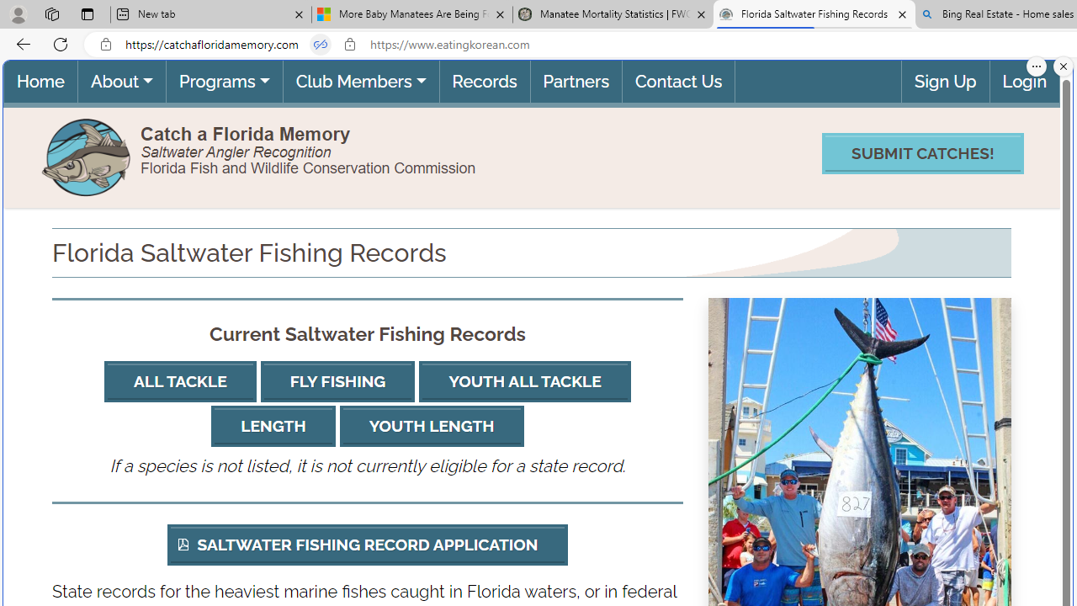 The width and height of the screenshot is (1077, 606). Describe the element at coordinates (40, 81) in the screenshot. I see `'Home (current)'` at that location.